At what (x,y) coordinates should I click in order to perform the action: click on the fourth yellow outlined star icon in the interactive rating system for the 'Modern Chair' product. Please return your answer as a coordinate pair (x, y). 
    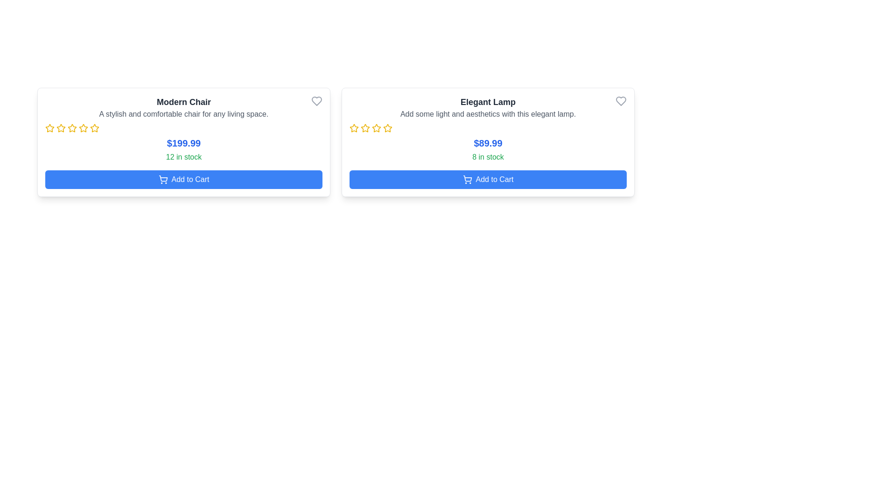
    Looking at the image, I should click on (71, 128).